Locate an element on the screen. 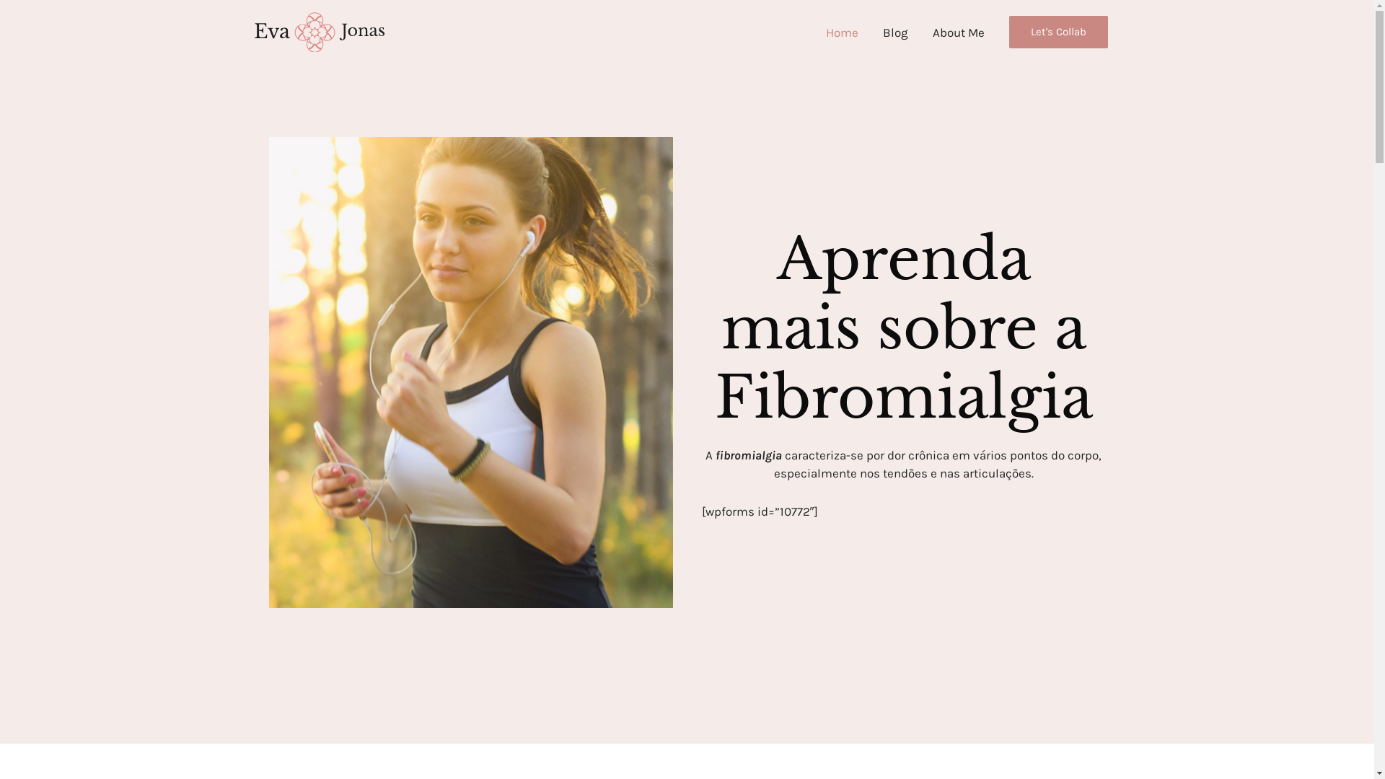  'Home' is located at coordinates (842, 32).